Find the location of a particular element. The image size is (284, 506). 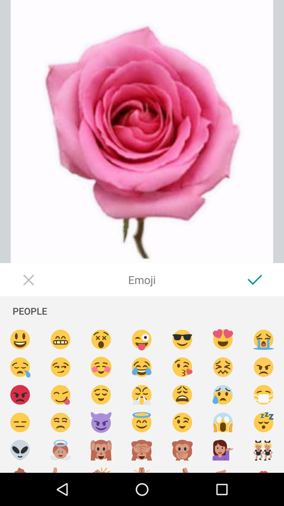

smile emoji is located at coordinates (20, 339).